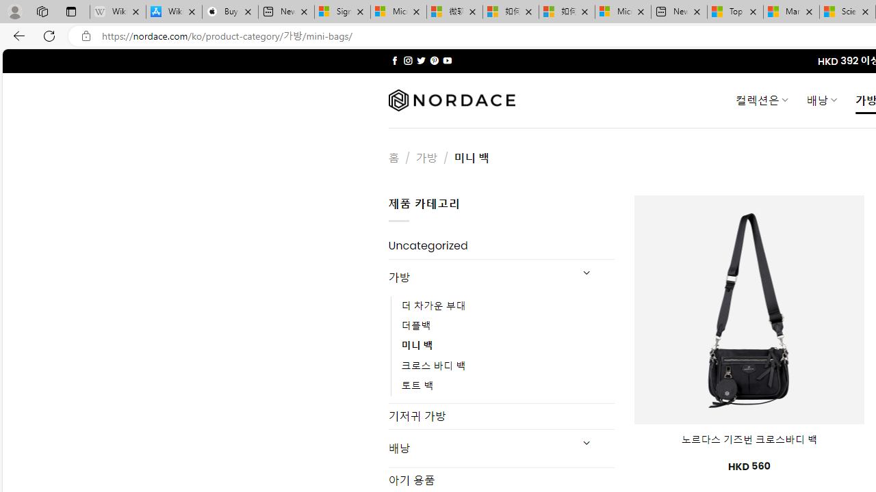 The height and width of the screenshot is (492, 876). Describe the element at coordinates (342, 12) in the screenshot. I see `'Sign in to your Microsoft account'` at that location.